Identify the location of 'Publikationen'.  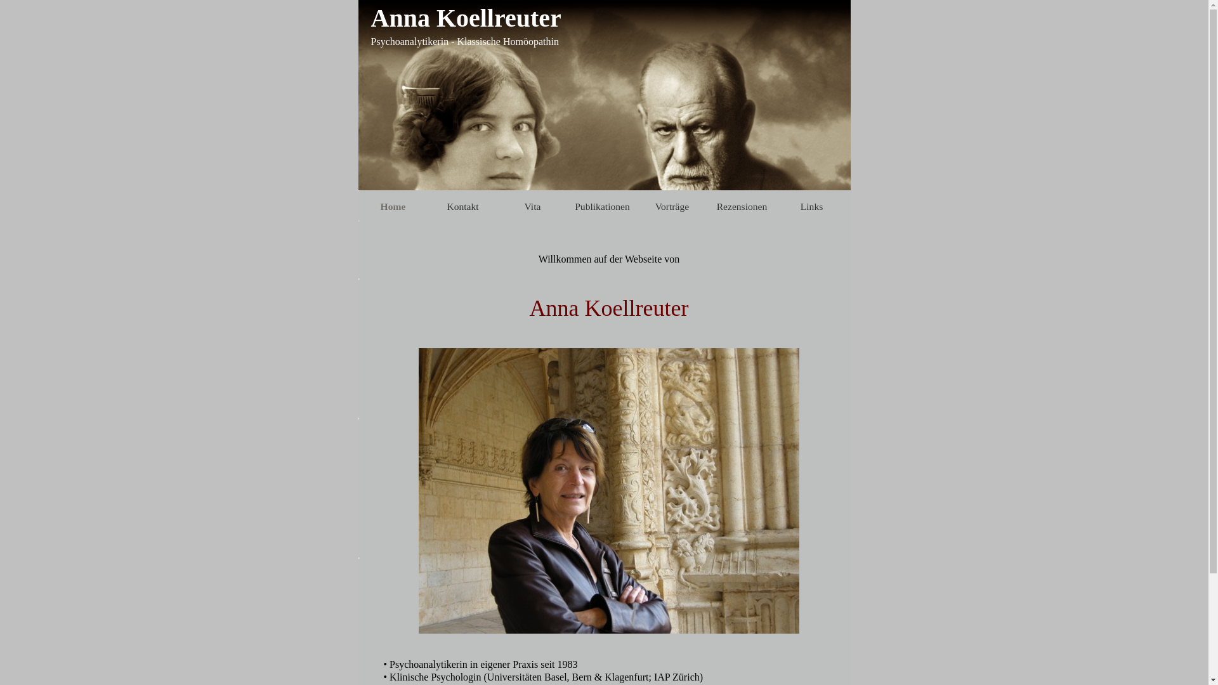
(601, 205).